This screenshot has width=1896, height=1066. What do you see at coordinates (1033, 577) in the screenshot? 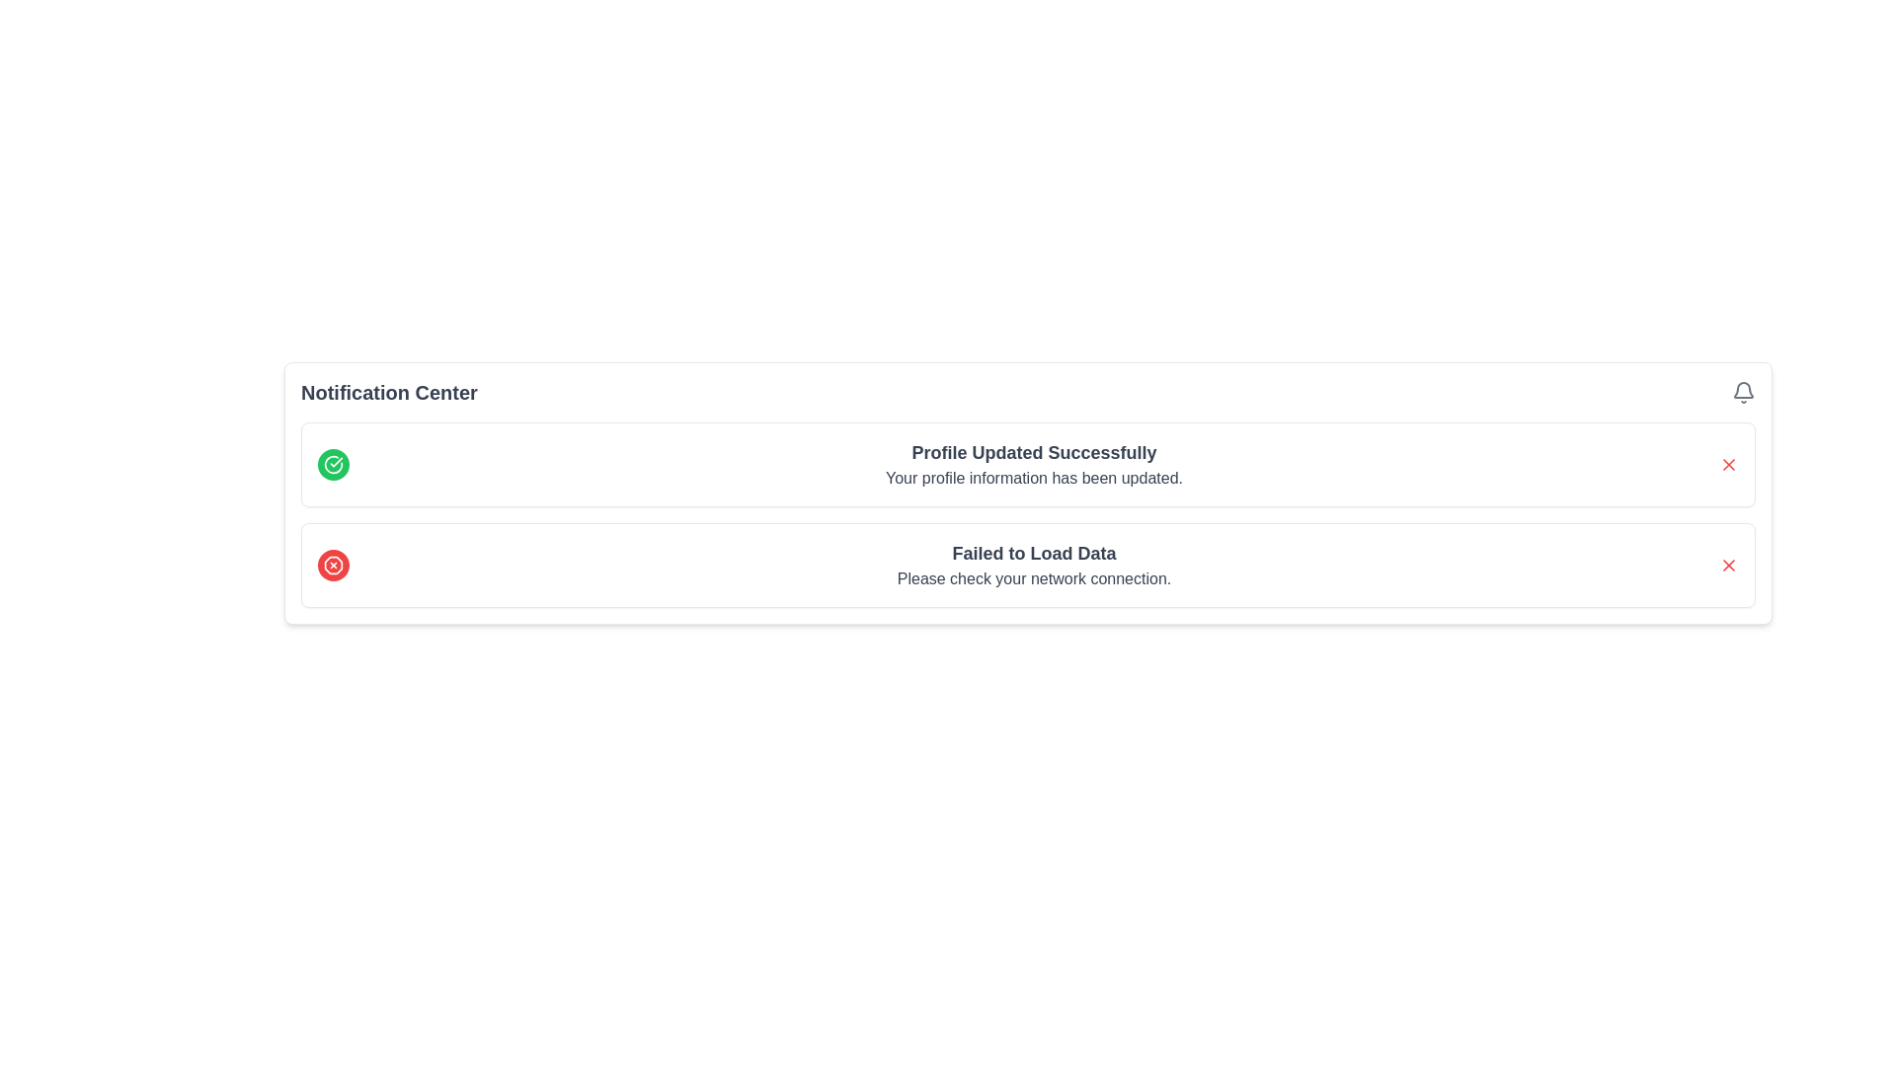
I see `the text label displaying 'Please check your network connection.' which is positioned below the title 'Failed to Load Data' in the notification card` at bounding box center [1033, 577].